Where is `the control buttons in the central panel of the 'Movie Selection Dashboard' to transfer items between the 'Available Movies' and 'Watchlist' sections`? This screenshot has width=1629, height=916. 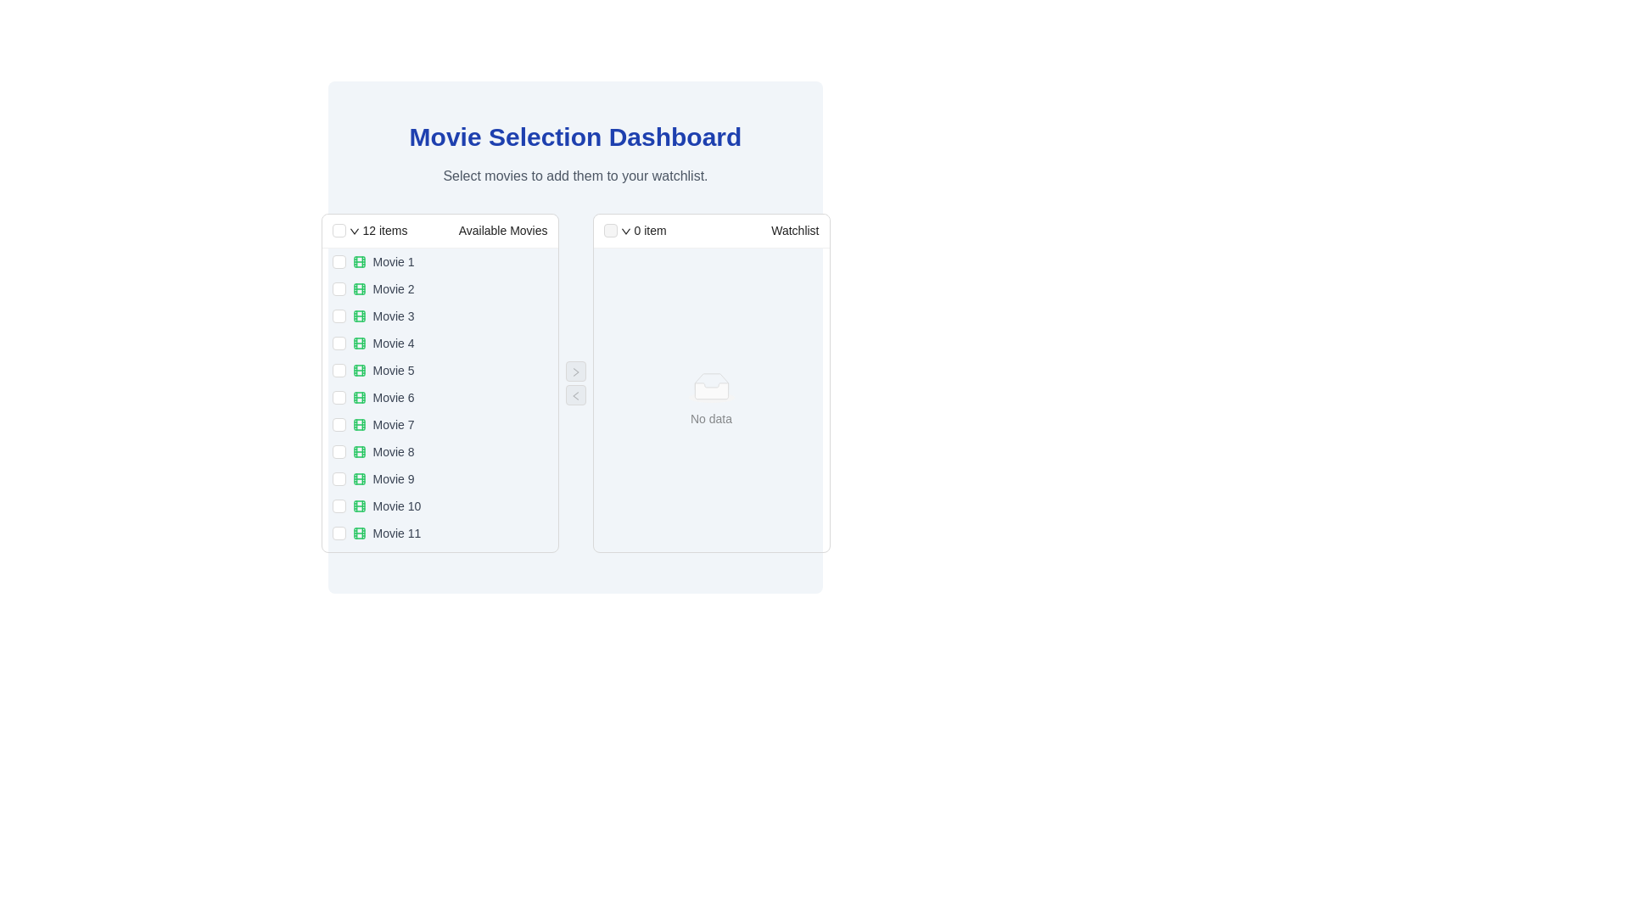
the control buttons in the central panel of the 'Movie Selection Dashboard' to transfer items between the 'Available Movies' and 'Watchlist' sections is located at coordinates (575, 383).